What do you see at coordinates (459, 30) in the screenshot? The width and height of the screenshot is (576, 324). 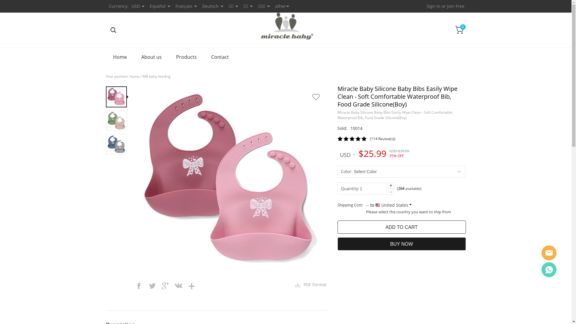 I see `'0'` at bounding box center [459, 30].